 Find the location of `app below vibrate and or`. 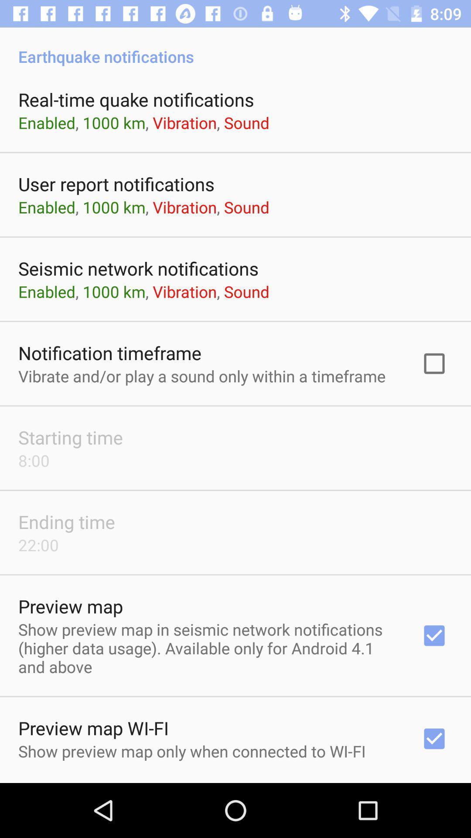

app below vibrate and or is located at coordinates (70, 437).